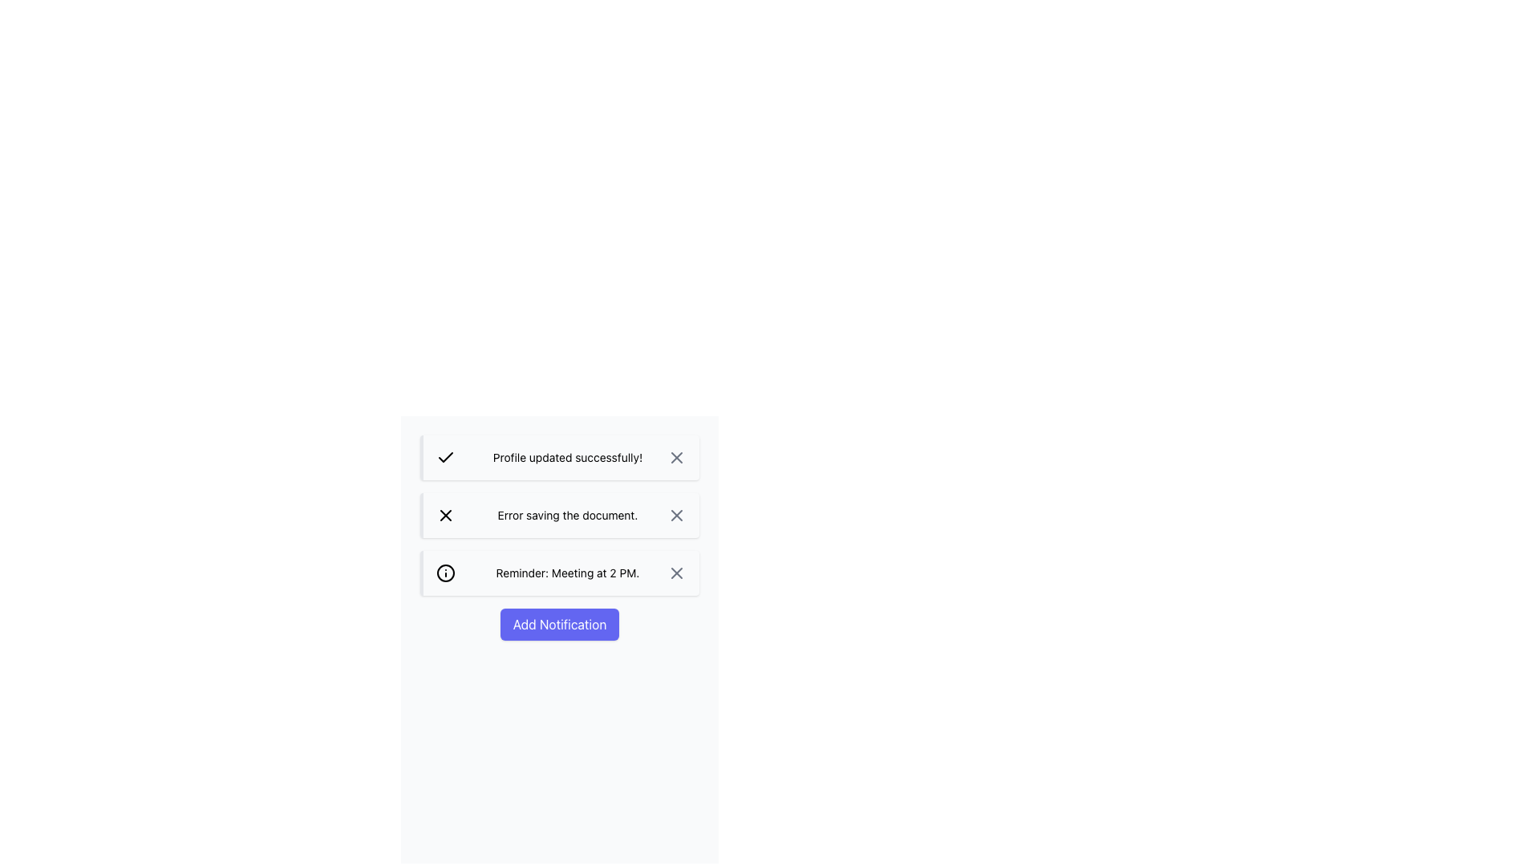 This screenshot has width=1540, height=866. What do you see at coordinates (677, 457) in the screenshot?
I see `the checkmark icon styled as a diagonal cross (X) located at the far right of the topmost notification item` at bounding box center [677, 457].